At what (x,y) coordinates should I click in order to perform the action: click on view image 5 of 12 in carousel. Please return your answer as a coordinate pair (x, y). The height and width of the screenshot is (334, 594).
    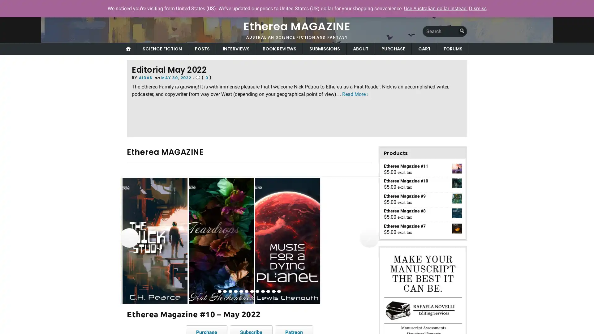
    Looking at the image, I should click on (240, 291).